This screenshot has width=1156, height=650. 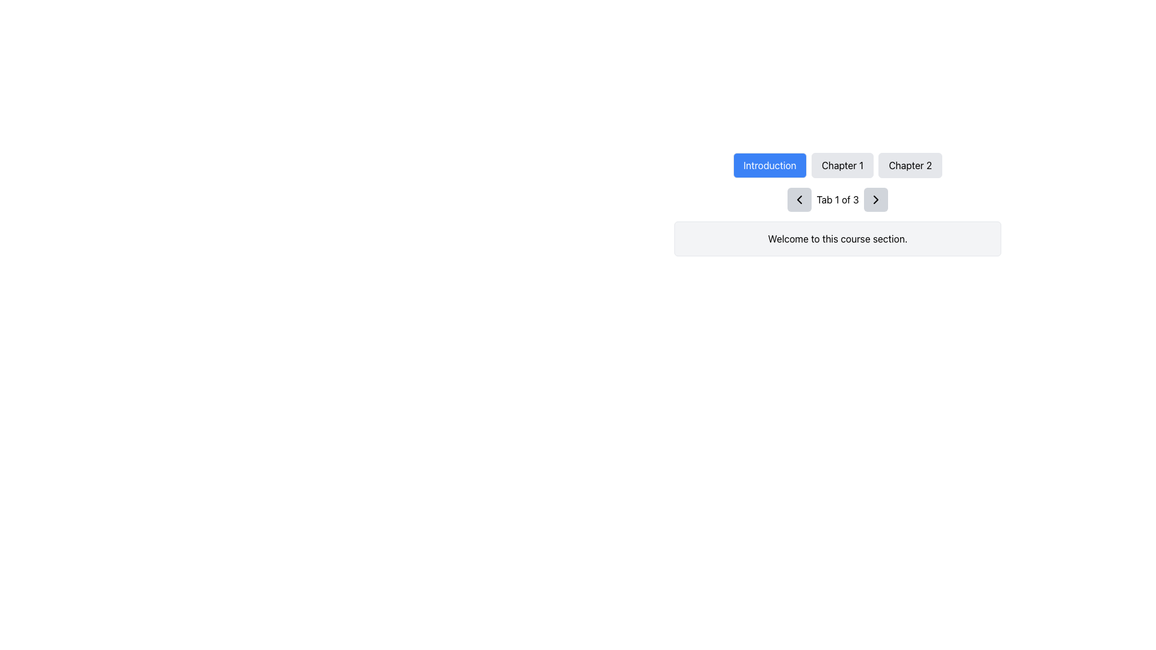 What do you see at coordinates (875, 199) in the screenshot?
I see `the navigation button located to the right of the text 'Tab 1 of 3'` at bounding box center [875, 199].